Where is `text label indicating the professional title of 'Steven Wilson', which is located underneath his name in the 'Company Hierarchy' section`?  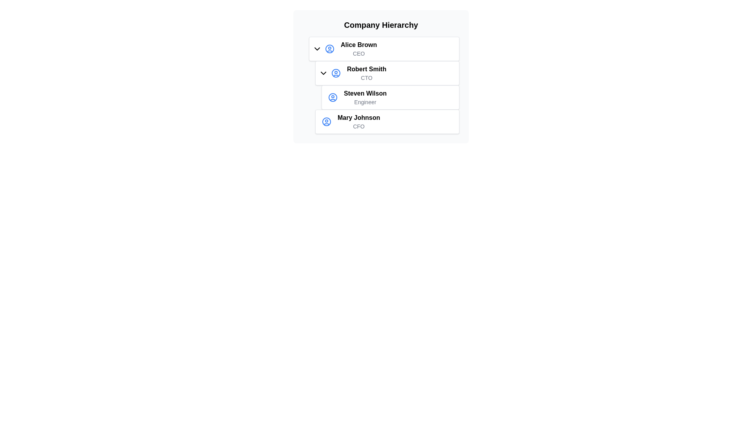
text label indicating the professional title of 'Steven Wilson', which is located underneath his name in the 'Company Hierarchy' section is located at coordinates (365, 102).